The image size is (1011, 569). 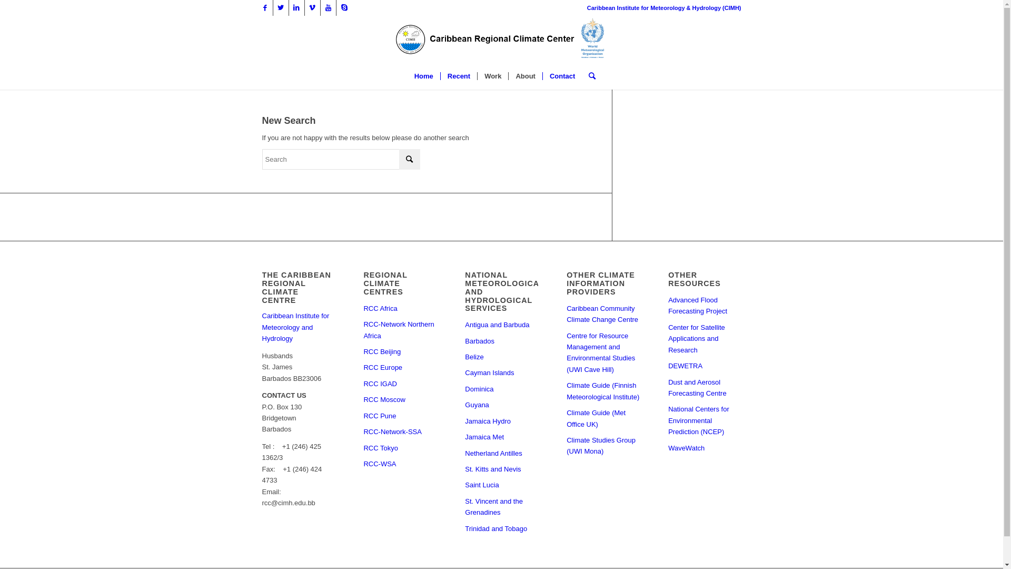 I want to click on 'Center for Satellite Applications and Research', so click(x=705, y=339).